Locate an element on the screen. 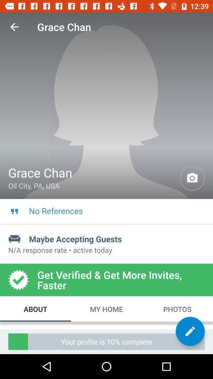 The width and height of the screenshot is (213, 379). the icon next to grace chan item is located at coordinates (192, 178).